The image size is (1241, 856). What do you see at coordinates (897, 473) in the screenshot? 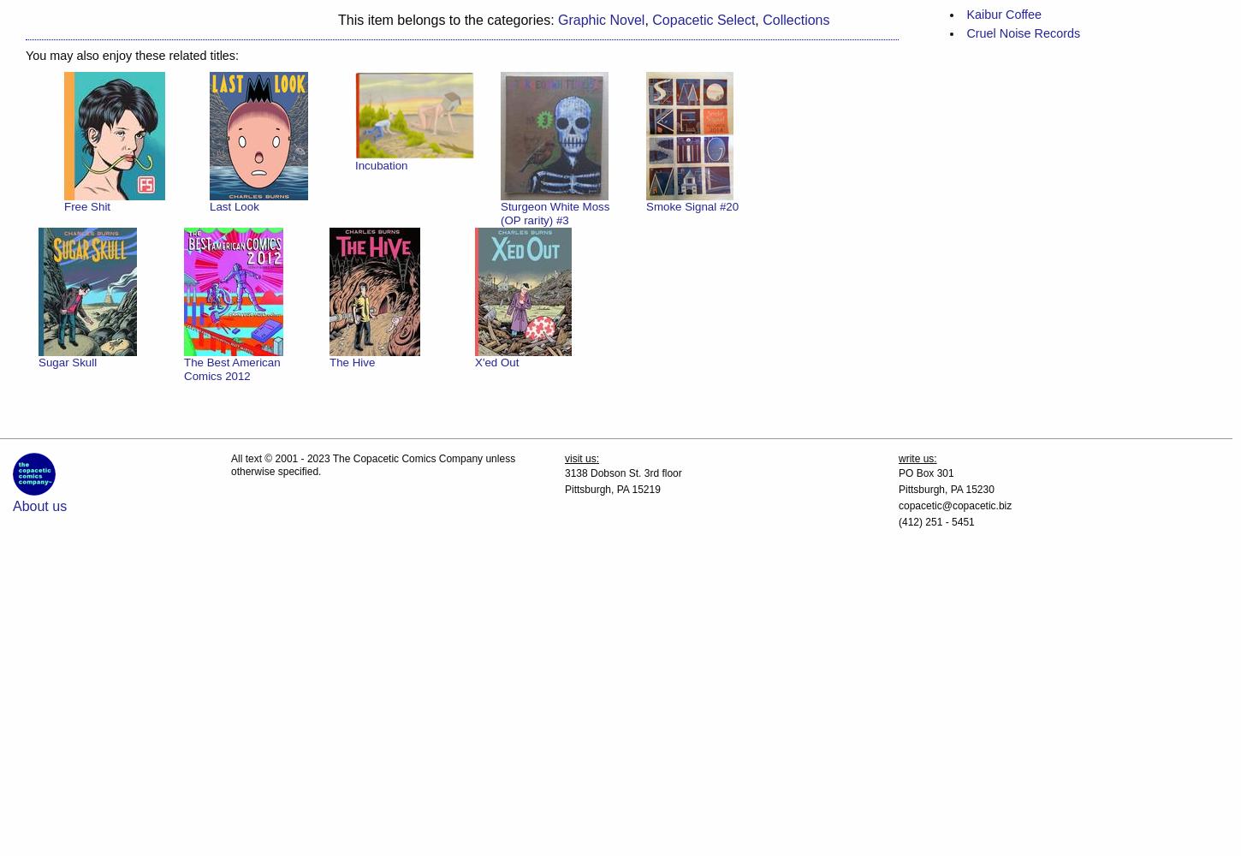
I see `'PO Box 301'` at bounding box center [897, 473].